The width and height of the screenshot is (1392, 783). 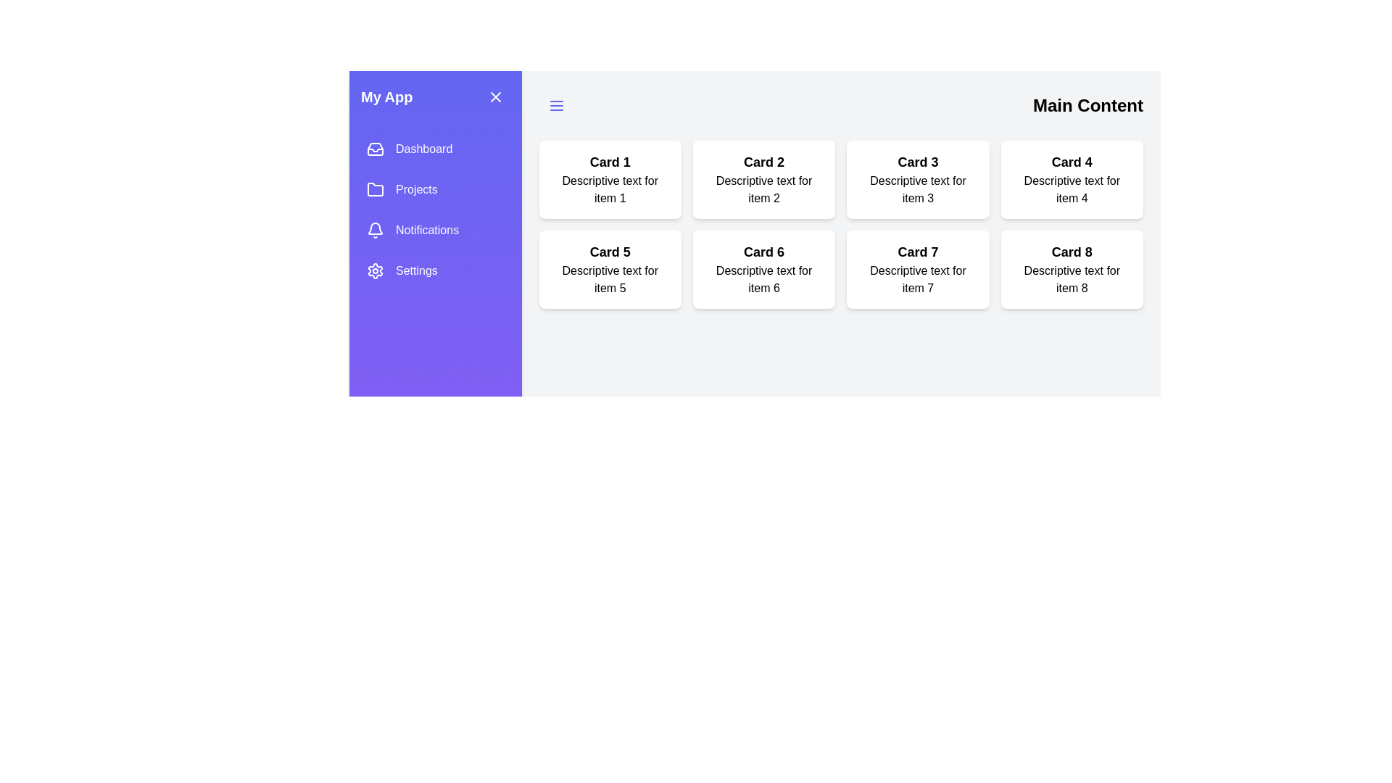 I want to click on the sidebar menu item Dashboard, so click(x=434, y=149).